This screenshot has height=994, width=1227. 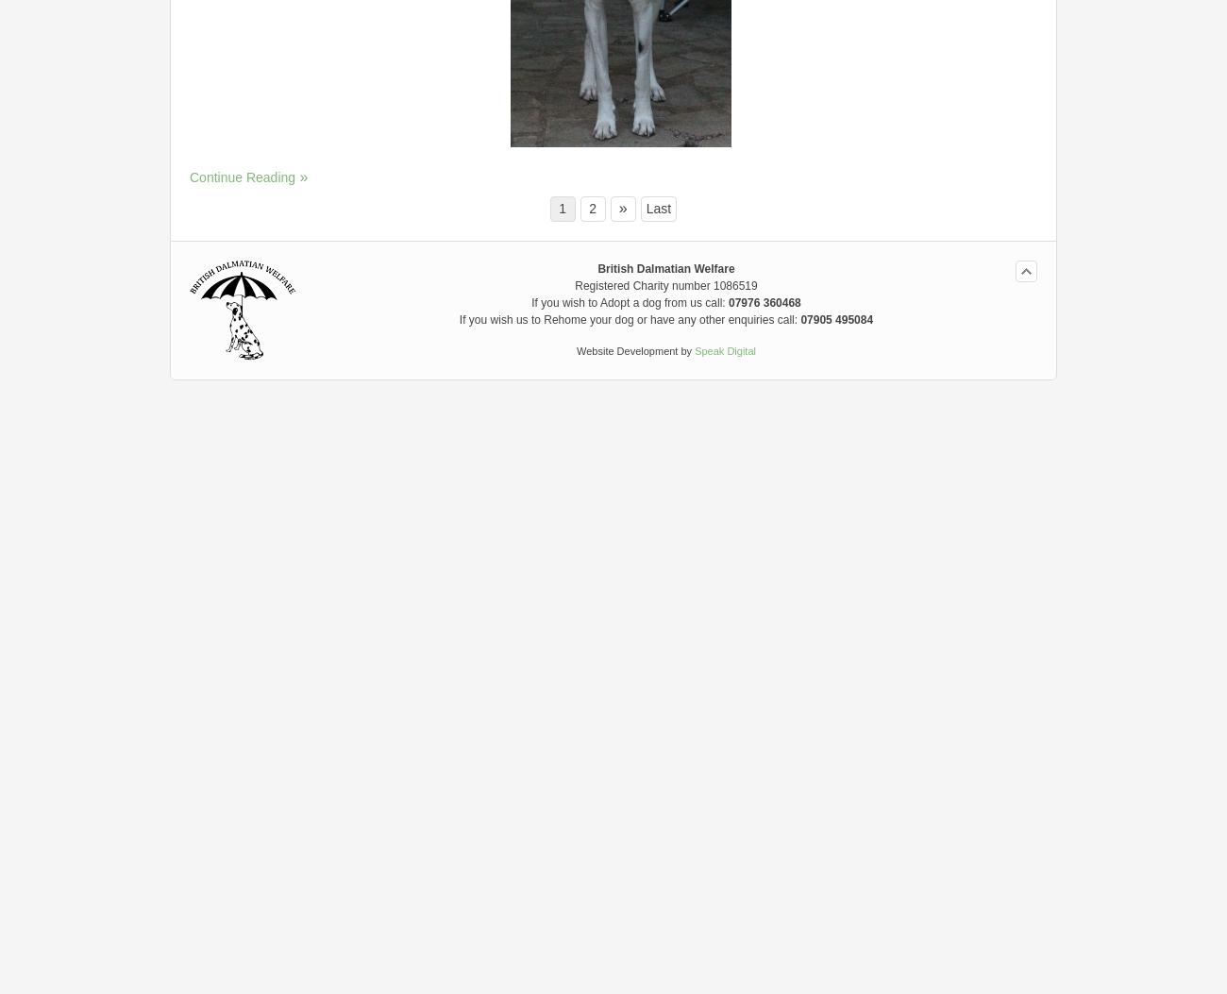 I want to click on 'If you wish us to Rehome your dog or have any other enquiries call:', so click(x=629, y=318).